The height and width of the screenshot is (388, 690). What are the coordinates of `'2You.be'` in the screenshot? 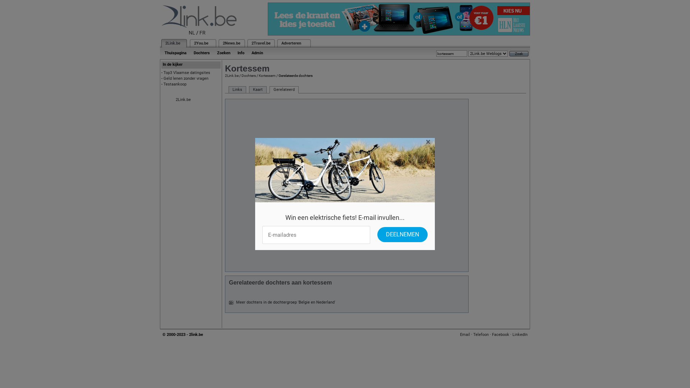 It's located at (201, 43).